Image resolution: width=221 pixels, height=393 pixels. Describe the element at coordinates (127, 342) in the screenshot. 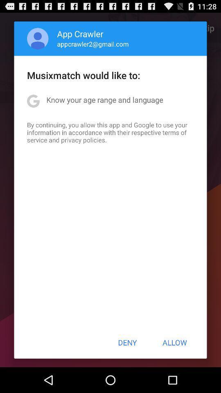

I see `deny at the bottom` at that location.